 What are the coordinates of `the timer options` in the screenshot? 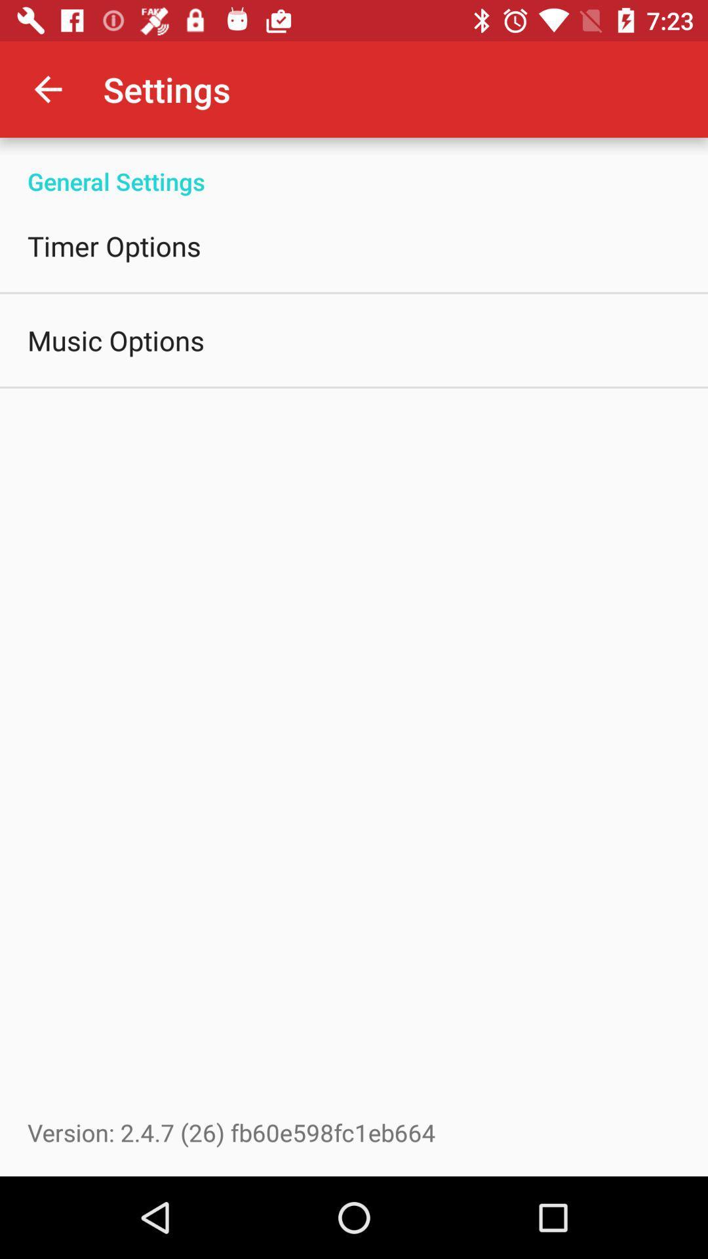 It's located at (113, 245).